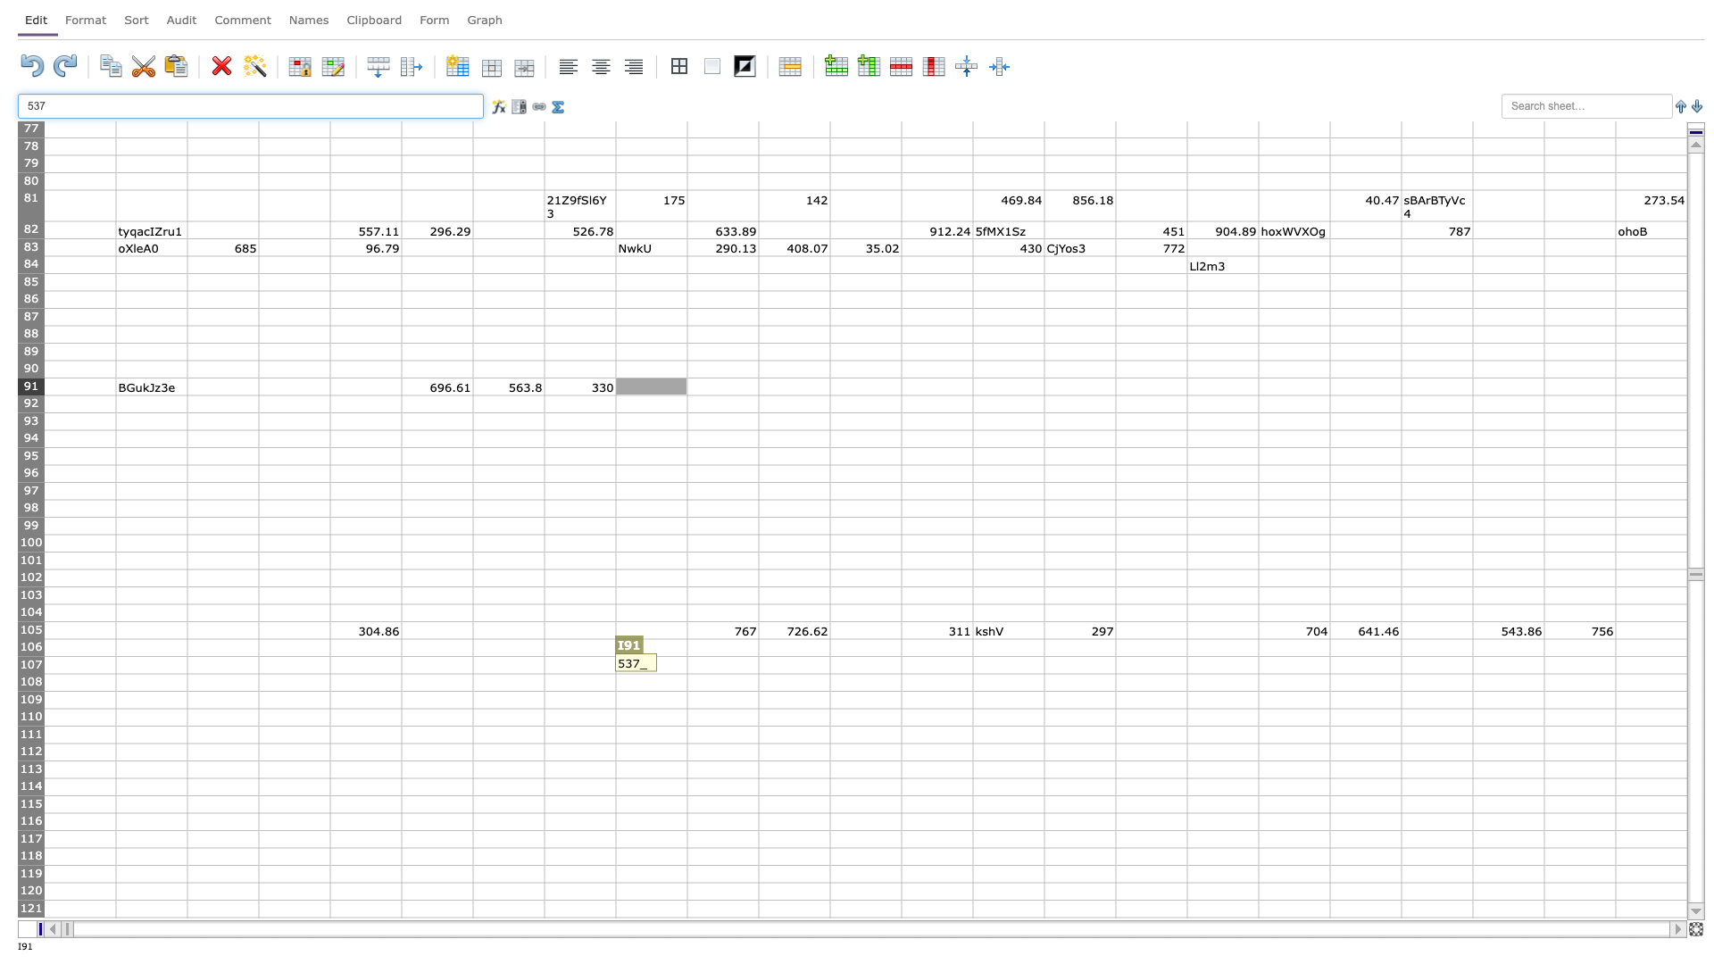 The image size is (1714, 964). What do you see at coordinates (829, 665) in the screenshot?
I see `Right margin of K107` at bounding box center [829, 665].